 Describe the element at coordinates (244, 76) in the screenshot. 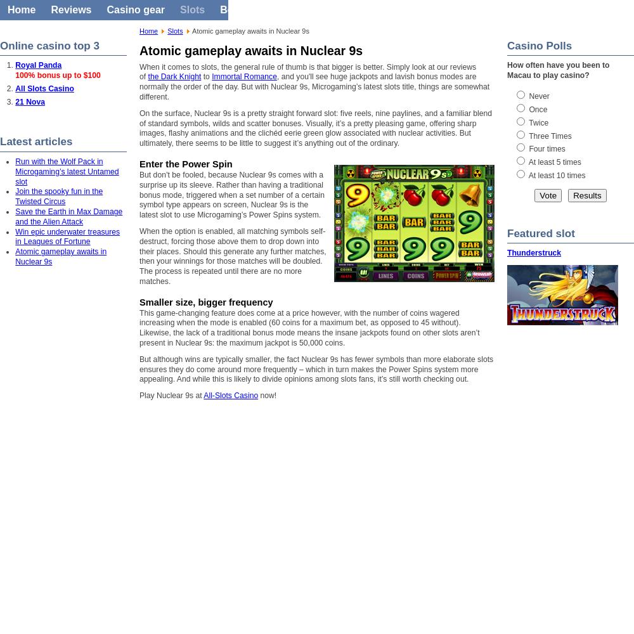

I see `'Immortal Romance'` at that location.